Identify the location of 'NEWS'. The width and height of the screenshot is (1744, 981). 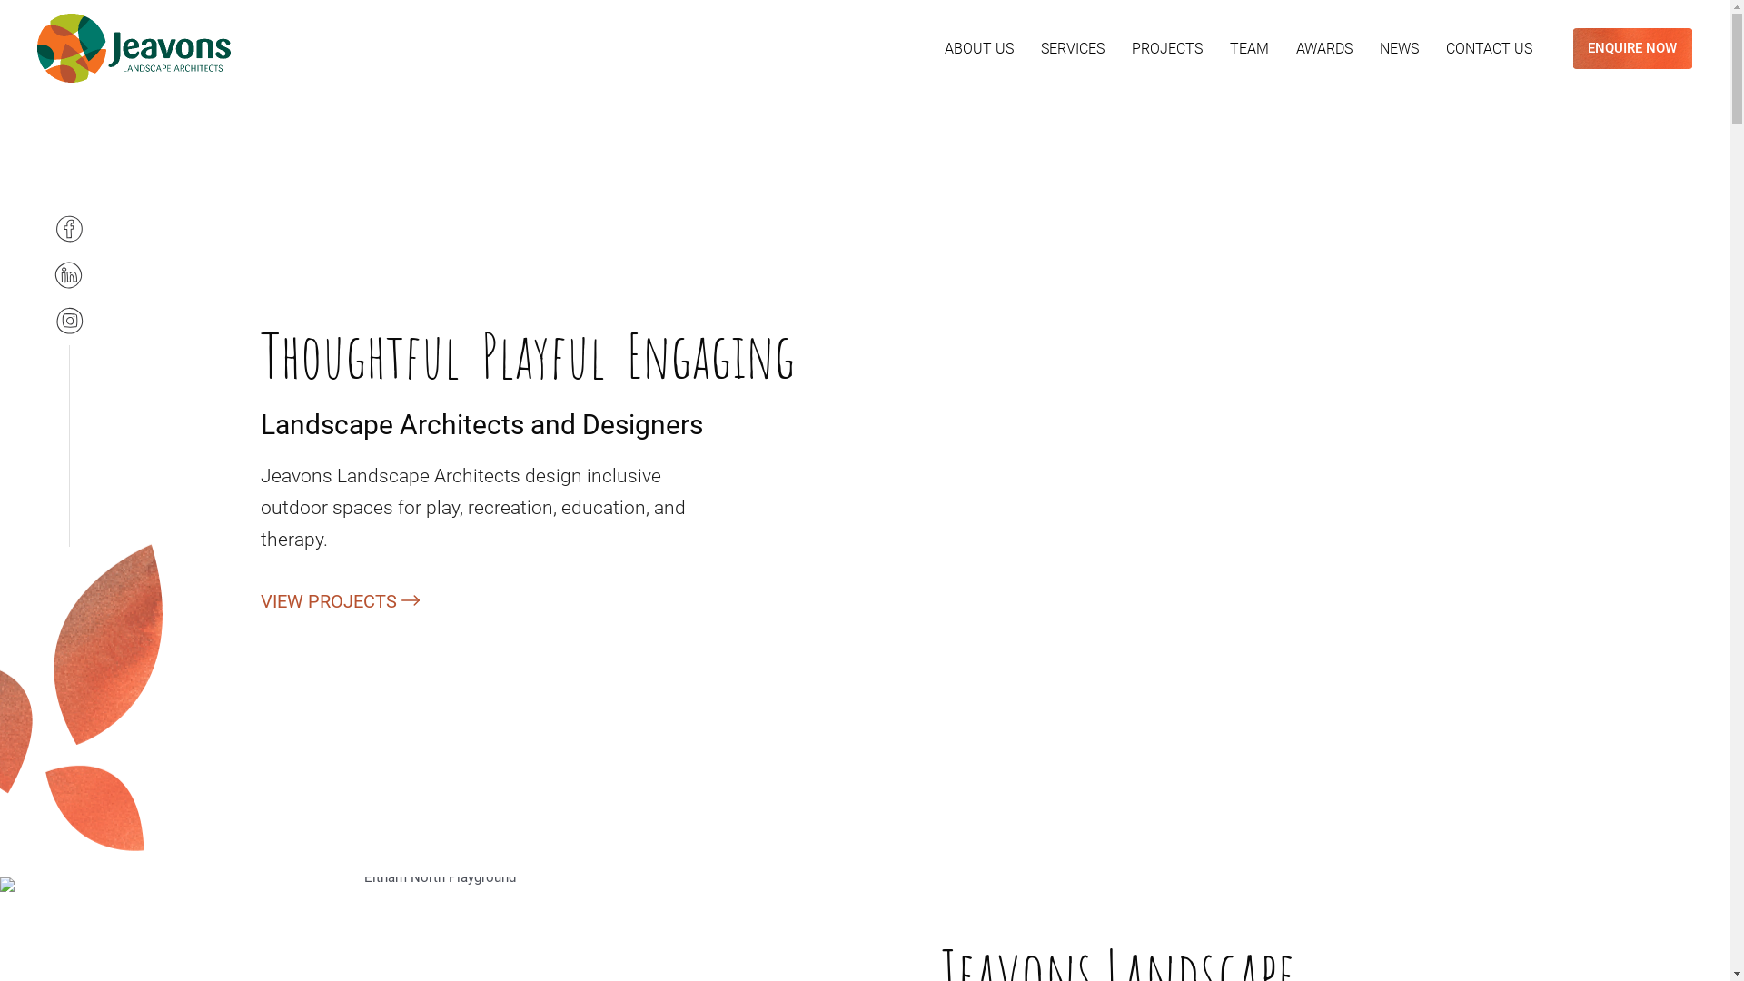
(1398, 47).